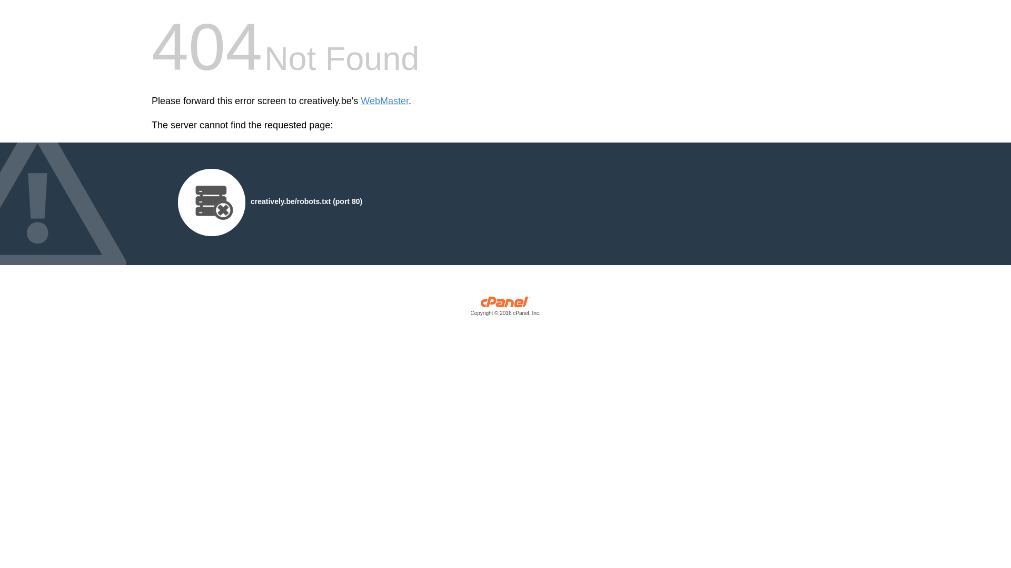 Image resolution: width=1011 pixels, height=568 pixels. What do you see at coordinates (384, 101) in the screenshot?
I see `'WebMaster'` at bounding box center [384, 101].